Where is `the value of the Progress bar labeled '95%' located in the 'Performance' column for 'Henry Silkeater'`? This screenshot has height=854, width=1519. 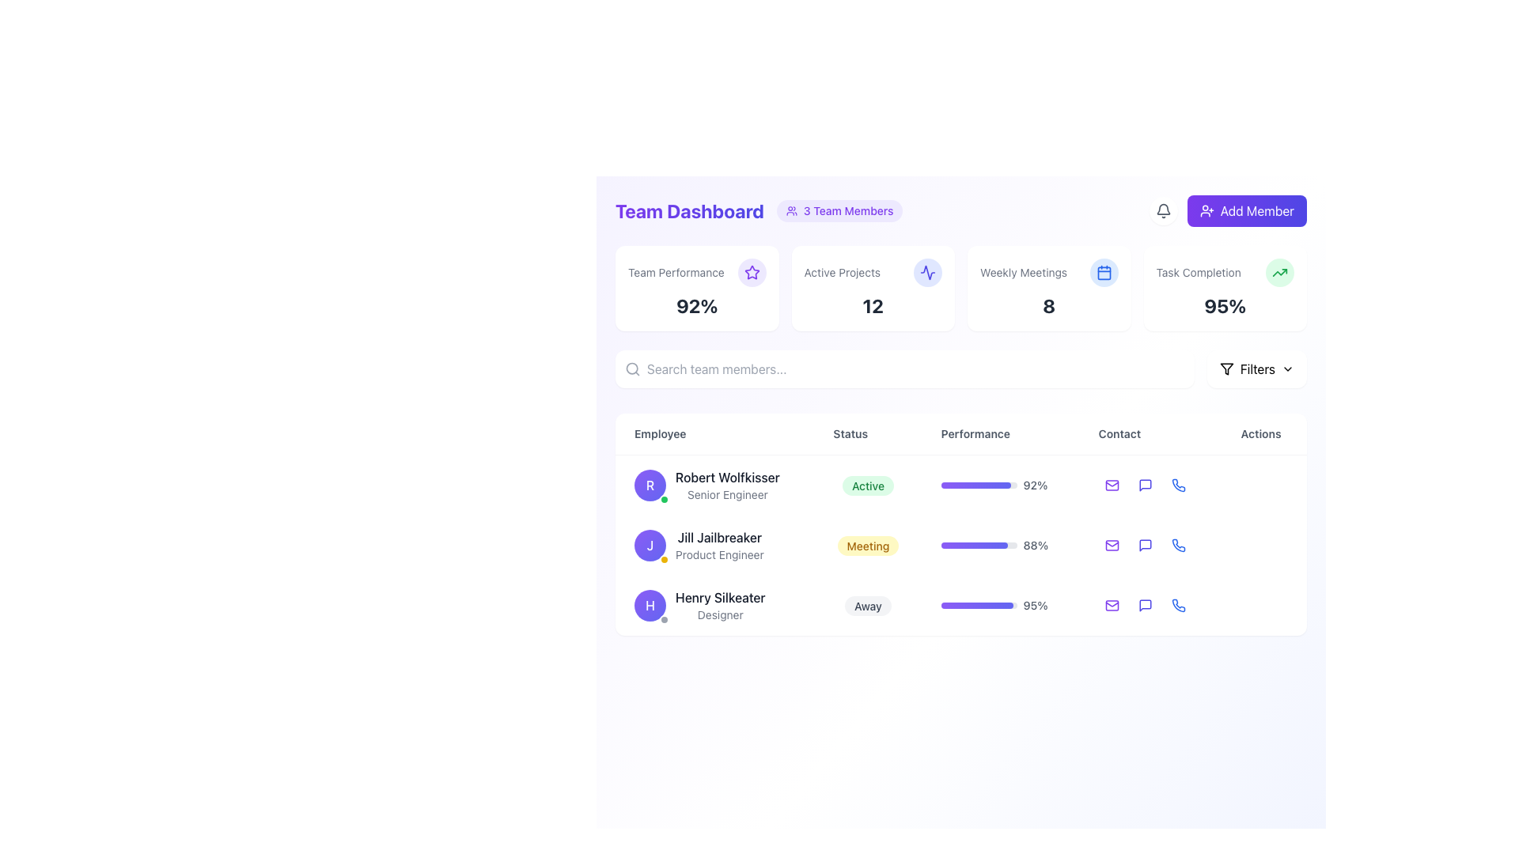 the value of the Progress bar labeled '95%' located in the 'Performance' column for 'Henry Silkeater' is located at coordinates (1000, 605).